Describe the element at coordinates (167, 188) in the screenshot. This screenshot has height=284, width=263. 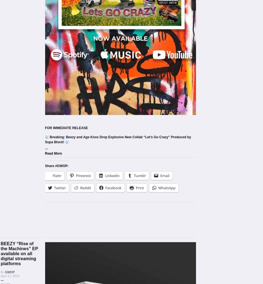
I see `'WhatsApp'` at that location.